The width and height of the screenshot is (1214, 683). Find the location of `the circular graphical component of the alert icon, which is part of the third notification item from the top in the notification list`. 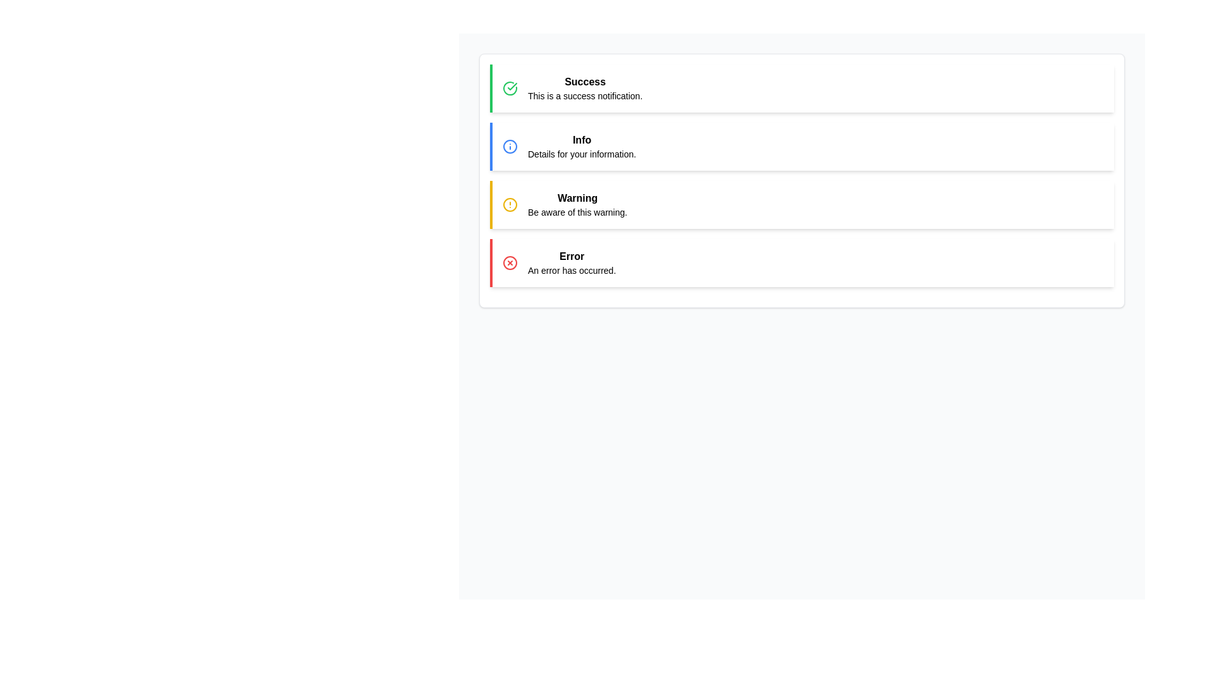

the circular graphical component of the alert icon, which is part of the third notification item from the top in the notification list is located at coordinates (510, 204).